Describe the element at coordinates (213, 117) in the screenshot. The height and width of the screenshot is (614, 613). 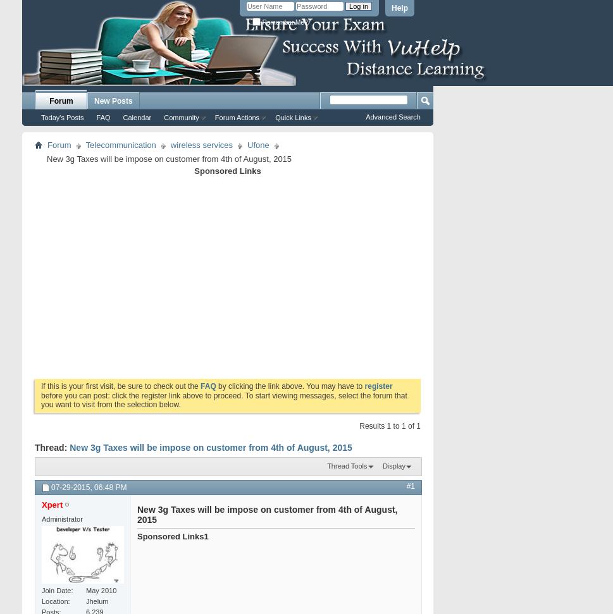
I see `'Forum Actions'` at that location.